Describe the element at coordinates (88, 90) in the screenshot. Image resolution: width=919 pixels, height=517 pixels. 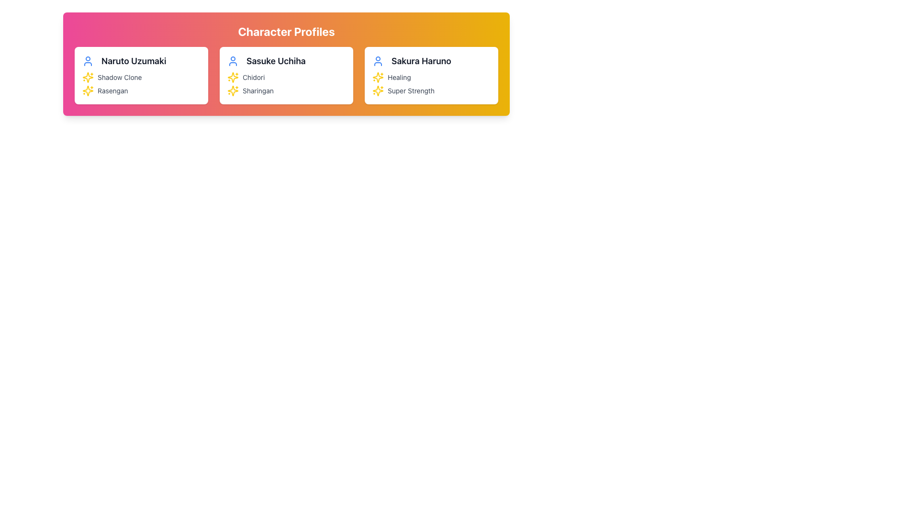
I see `the yellow star-like icon next to the text 'Rasengan' in Naruto Uzumaki's profile section` at that location.